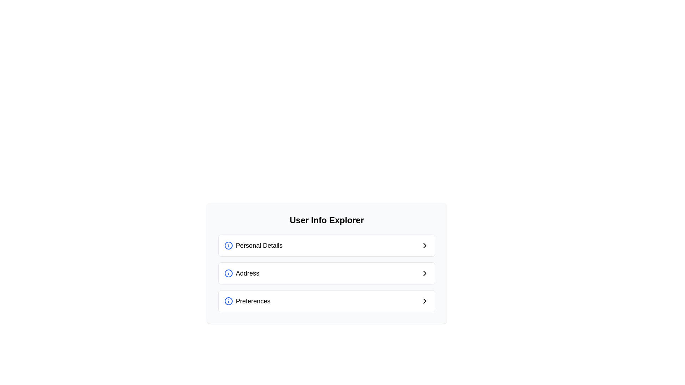 The width and height of the screenshot is (685, 385). I want to click on the circular icon component with a blue outline, which is positioned to the left of the 'Address' option in the list, so click(229, 273).